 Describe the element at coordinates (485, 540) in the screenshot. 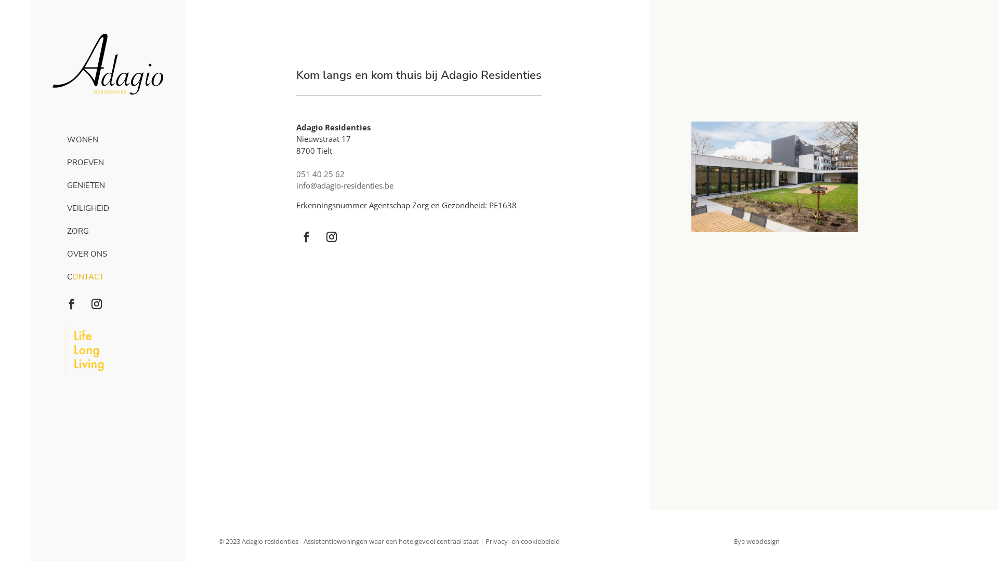

I see `'Privacy- en cookiebeleid'` at that location.